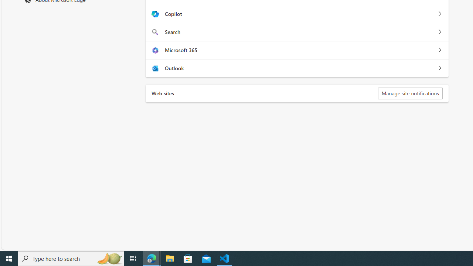  What do you see at coordinates (409, 93) in the screenshot?
I see `'Manage site notifications'` at bounding box center [409, 93].